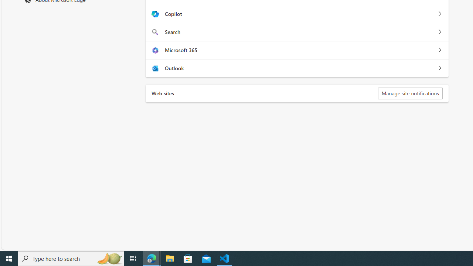  What do you see at coordinates (409, 93) in the screenshot?
I see `'Manage site notifications'` at bounding box center [409, 93].